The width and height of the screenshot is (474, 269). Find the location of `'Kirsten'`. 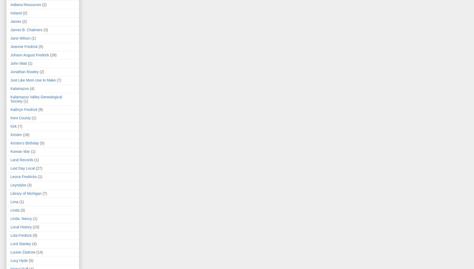

'Kirsten' is located at coordinates (16, 135).